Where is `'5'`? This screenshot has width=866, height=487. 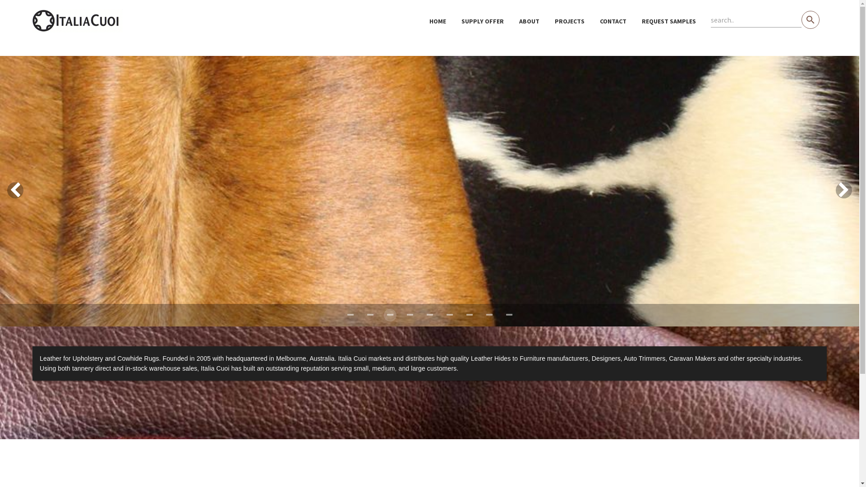
'5' is located at coordinates (449, 314).